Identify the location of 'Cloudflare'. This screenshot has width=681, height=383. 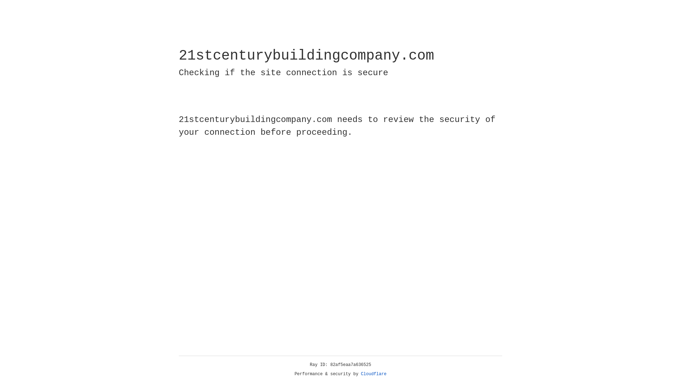
(361, 374).